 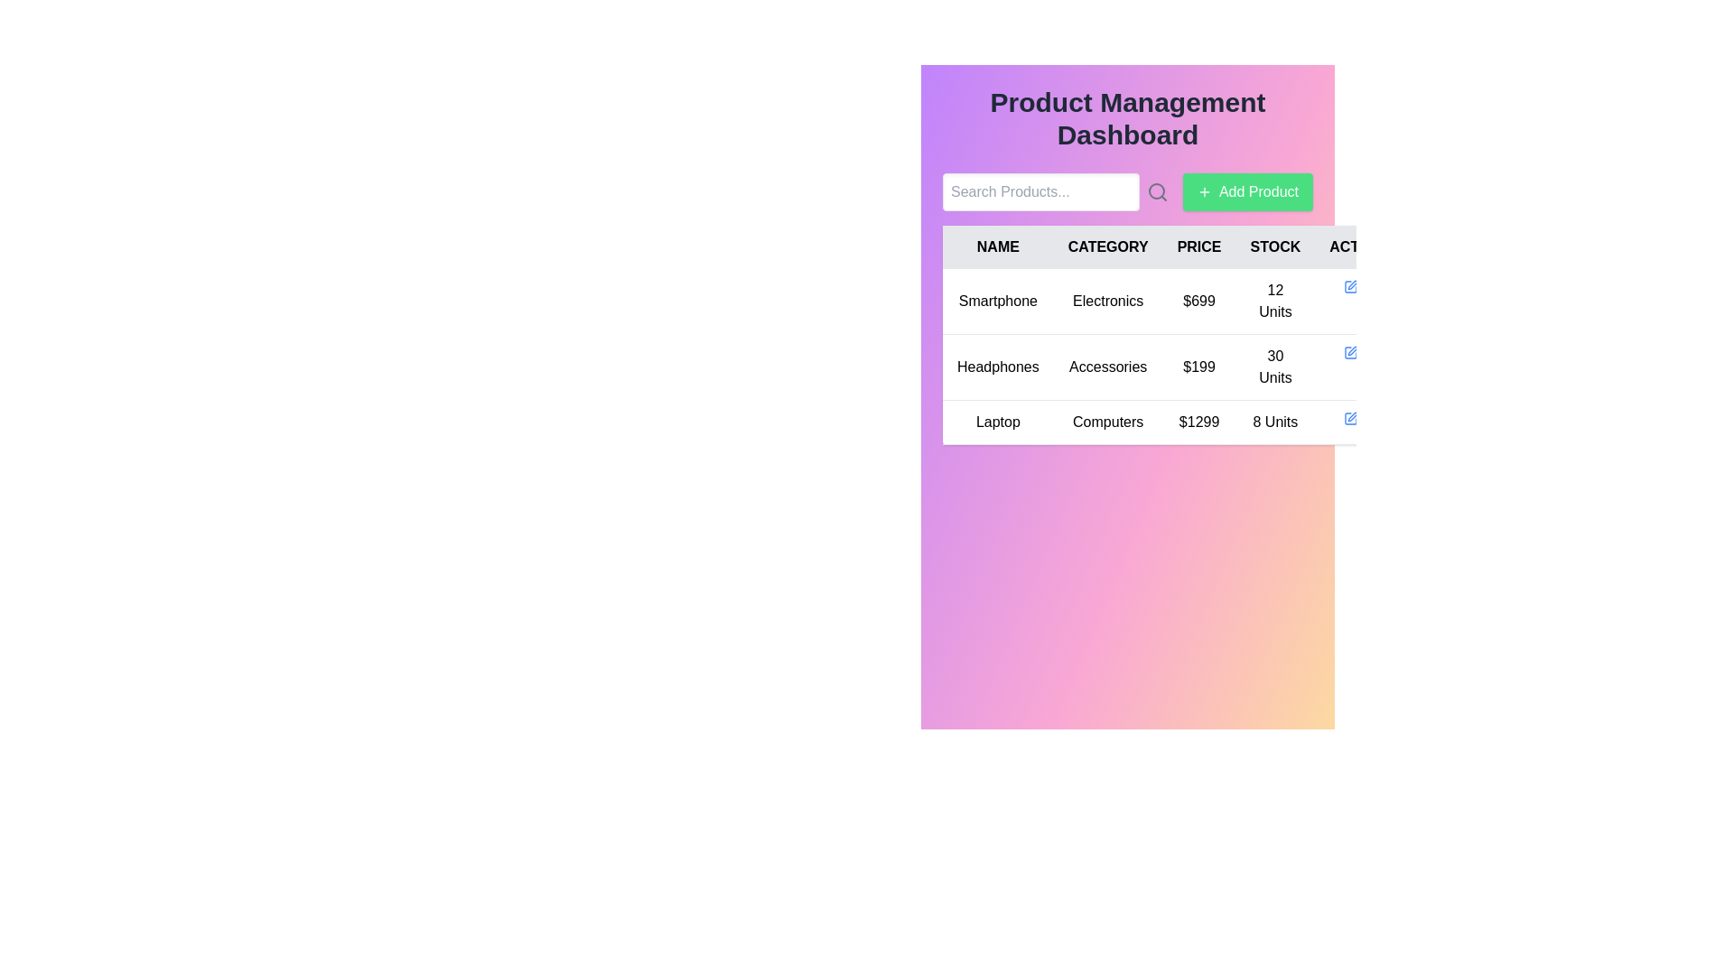 I want to click on the editing icon located in the 'Actions' column for the 'Headphones' row to initiate the editing process, so click(x=1352, y=351).